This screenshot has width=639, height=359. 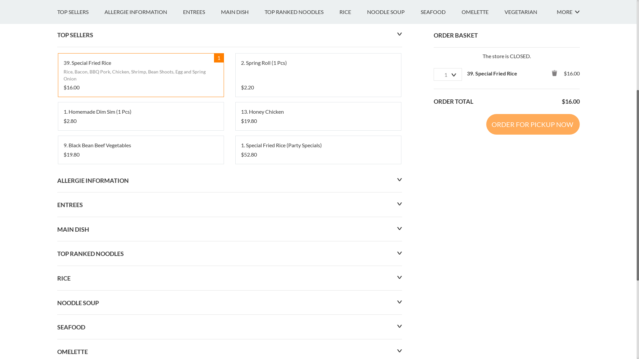 What do you see at coordinates (143, 182) in the screenshot?
I see `'ALLERGIE INFORMATION'` at bounding box center [143, 182].